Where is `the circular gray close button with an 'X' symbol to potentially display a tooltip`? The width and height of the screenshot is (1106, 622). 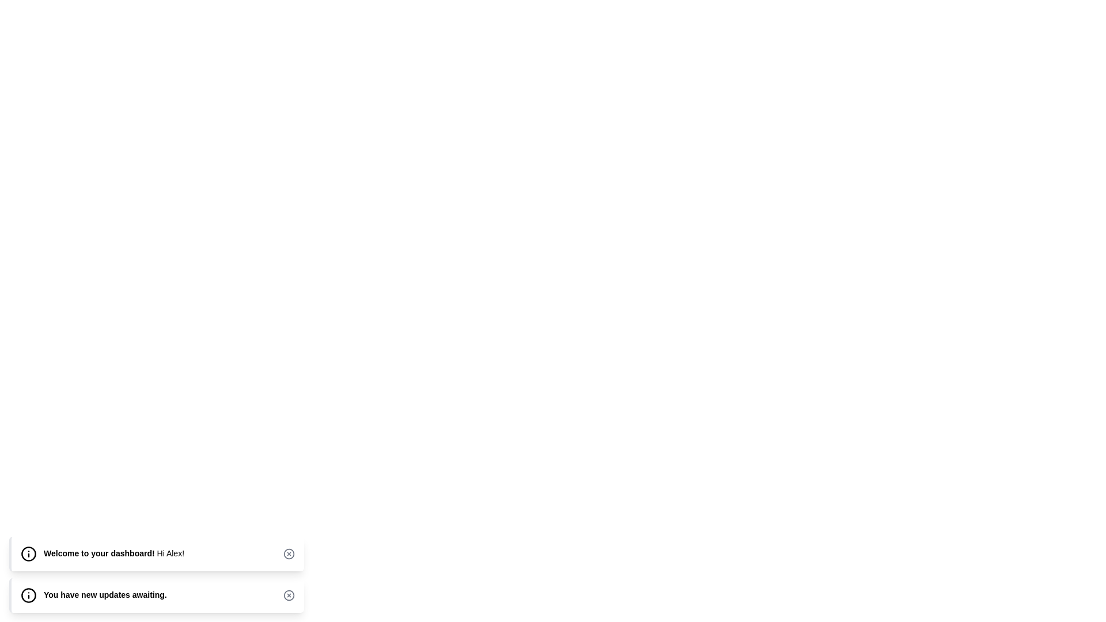 the circular gray close button with an 'X' symbol to potentially display a tooltip is located at coordinates (289, 553).